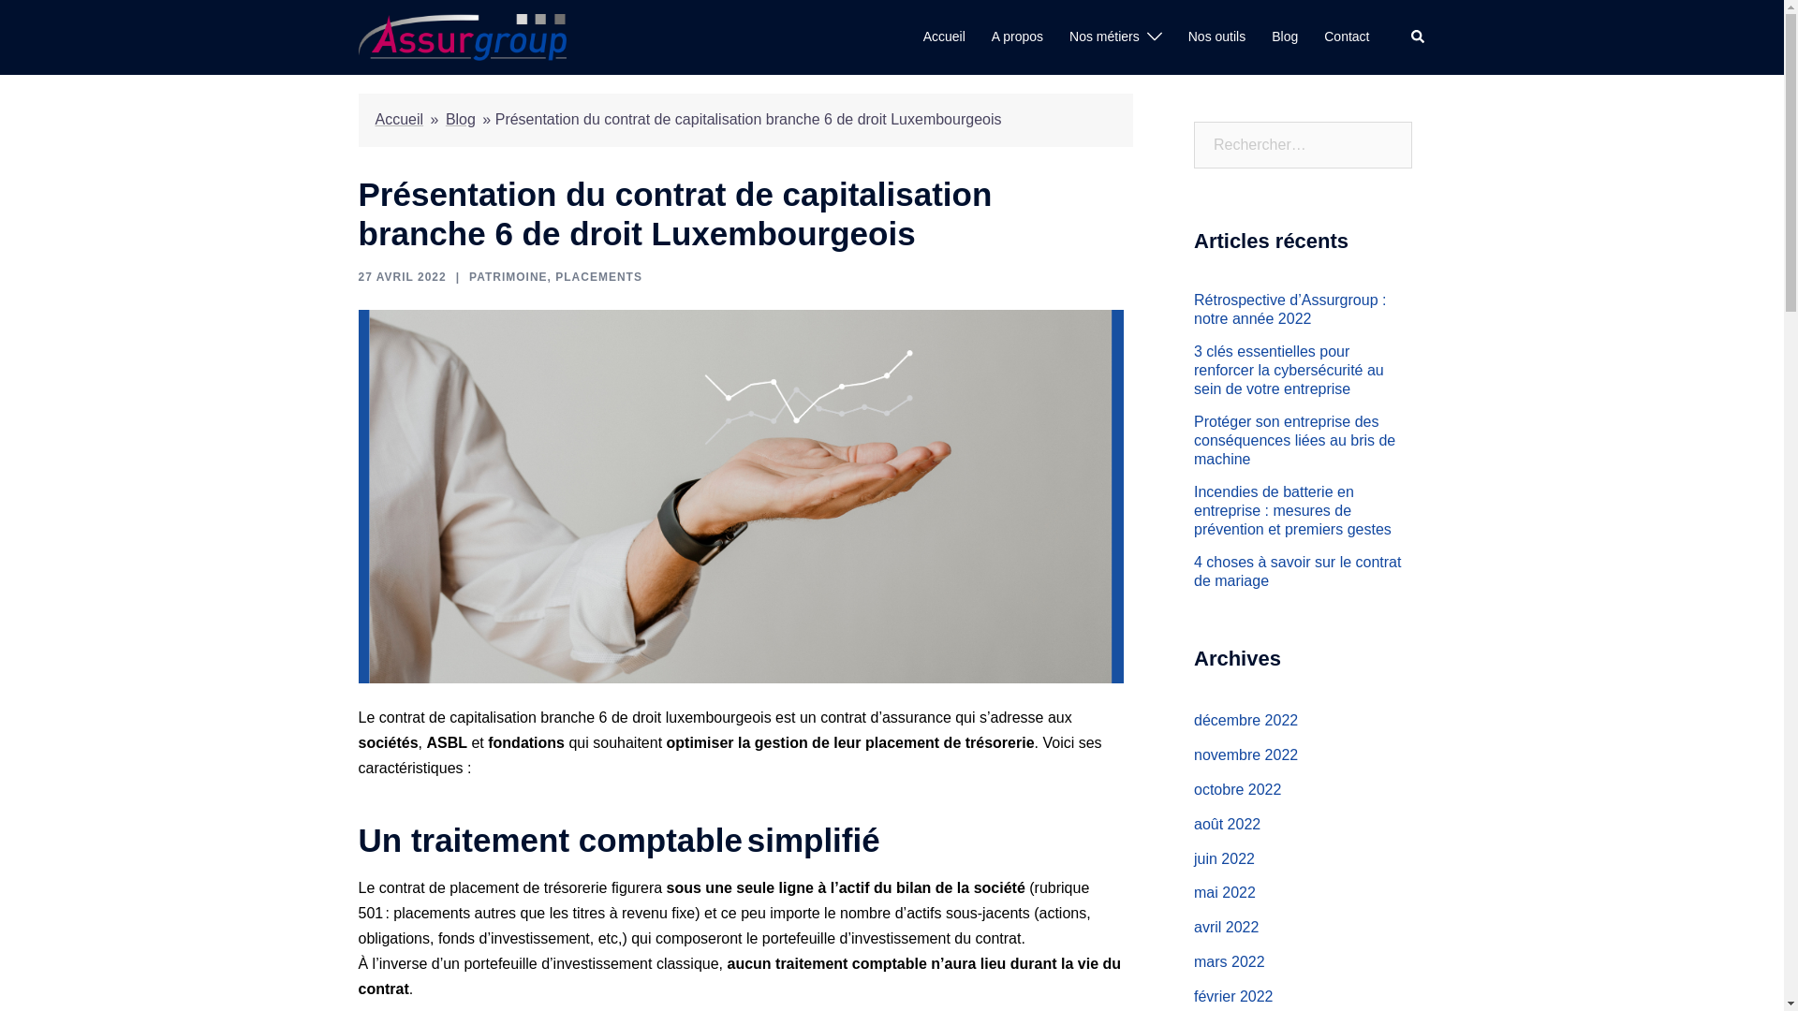  What do you see at coordinates (1245, 754) in the screenshot?
I see `'novembre 2022'` at bounding box center [1245, 754].